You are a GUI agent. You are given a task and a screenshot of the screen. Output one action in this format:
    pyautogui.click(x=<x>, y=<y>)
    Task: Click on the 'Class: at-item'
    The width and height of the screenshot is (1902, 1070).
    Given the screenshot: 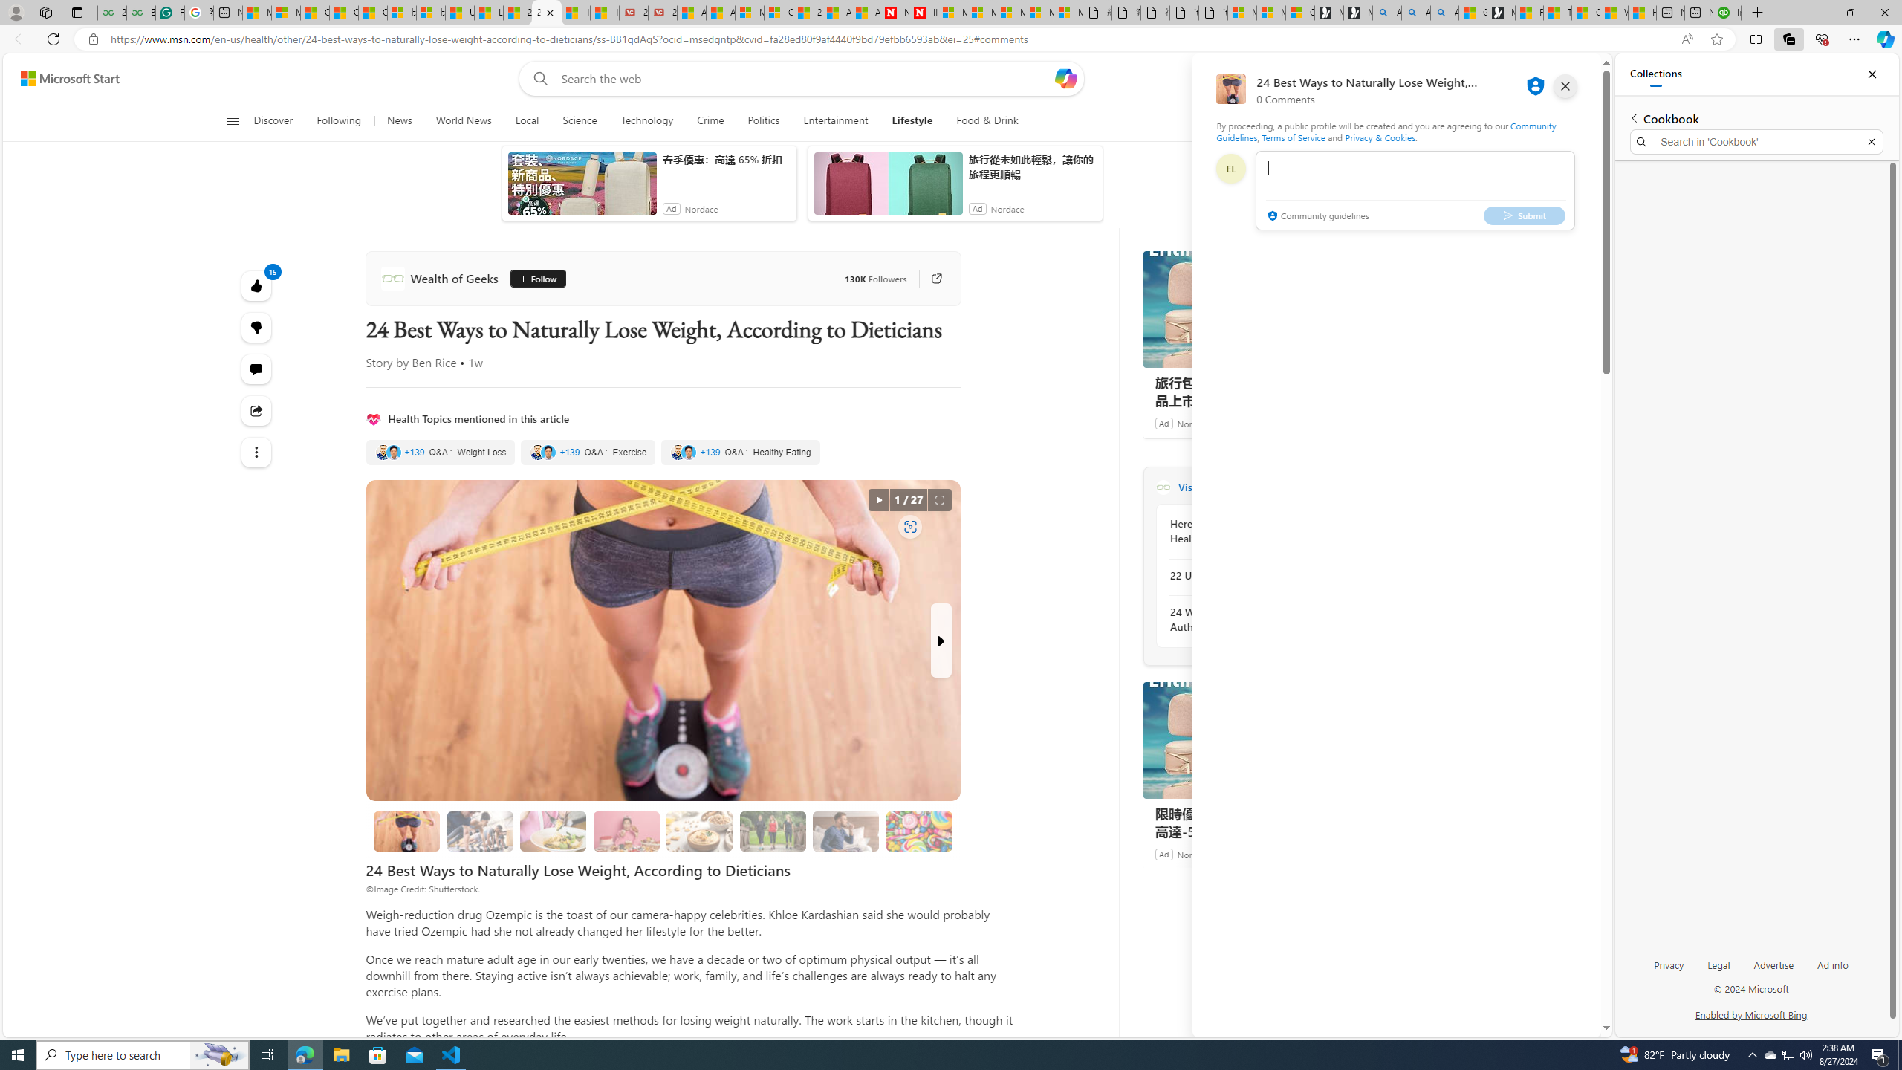 What is the action you would take?
    pyautogui.click(x=256, y=452)
    